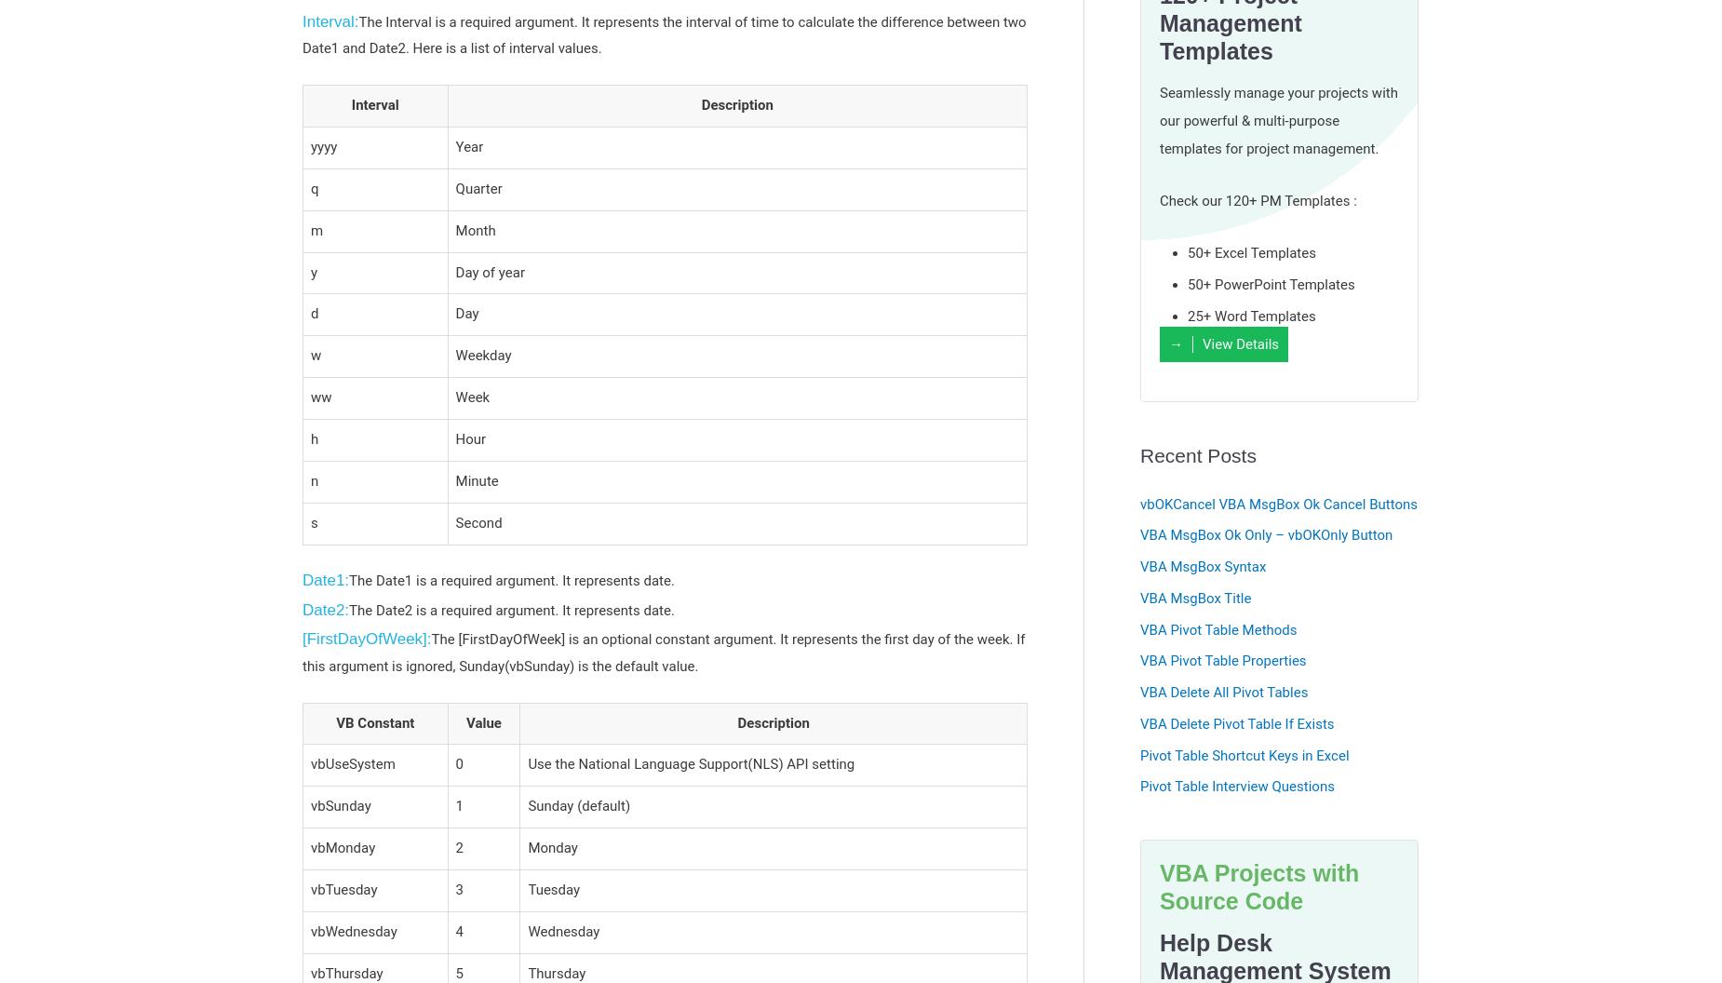  I want to click on 'Interval:', so click(330, 20).